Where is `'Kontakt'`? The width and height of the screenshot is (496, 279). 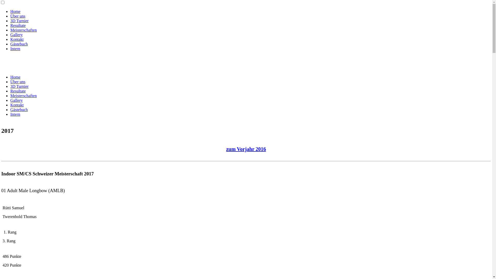
'Kontakt' is located at coordinates (17, 39).